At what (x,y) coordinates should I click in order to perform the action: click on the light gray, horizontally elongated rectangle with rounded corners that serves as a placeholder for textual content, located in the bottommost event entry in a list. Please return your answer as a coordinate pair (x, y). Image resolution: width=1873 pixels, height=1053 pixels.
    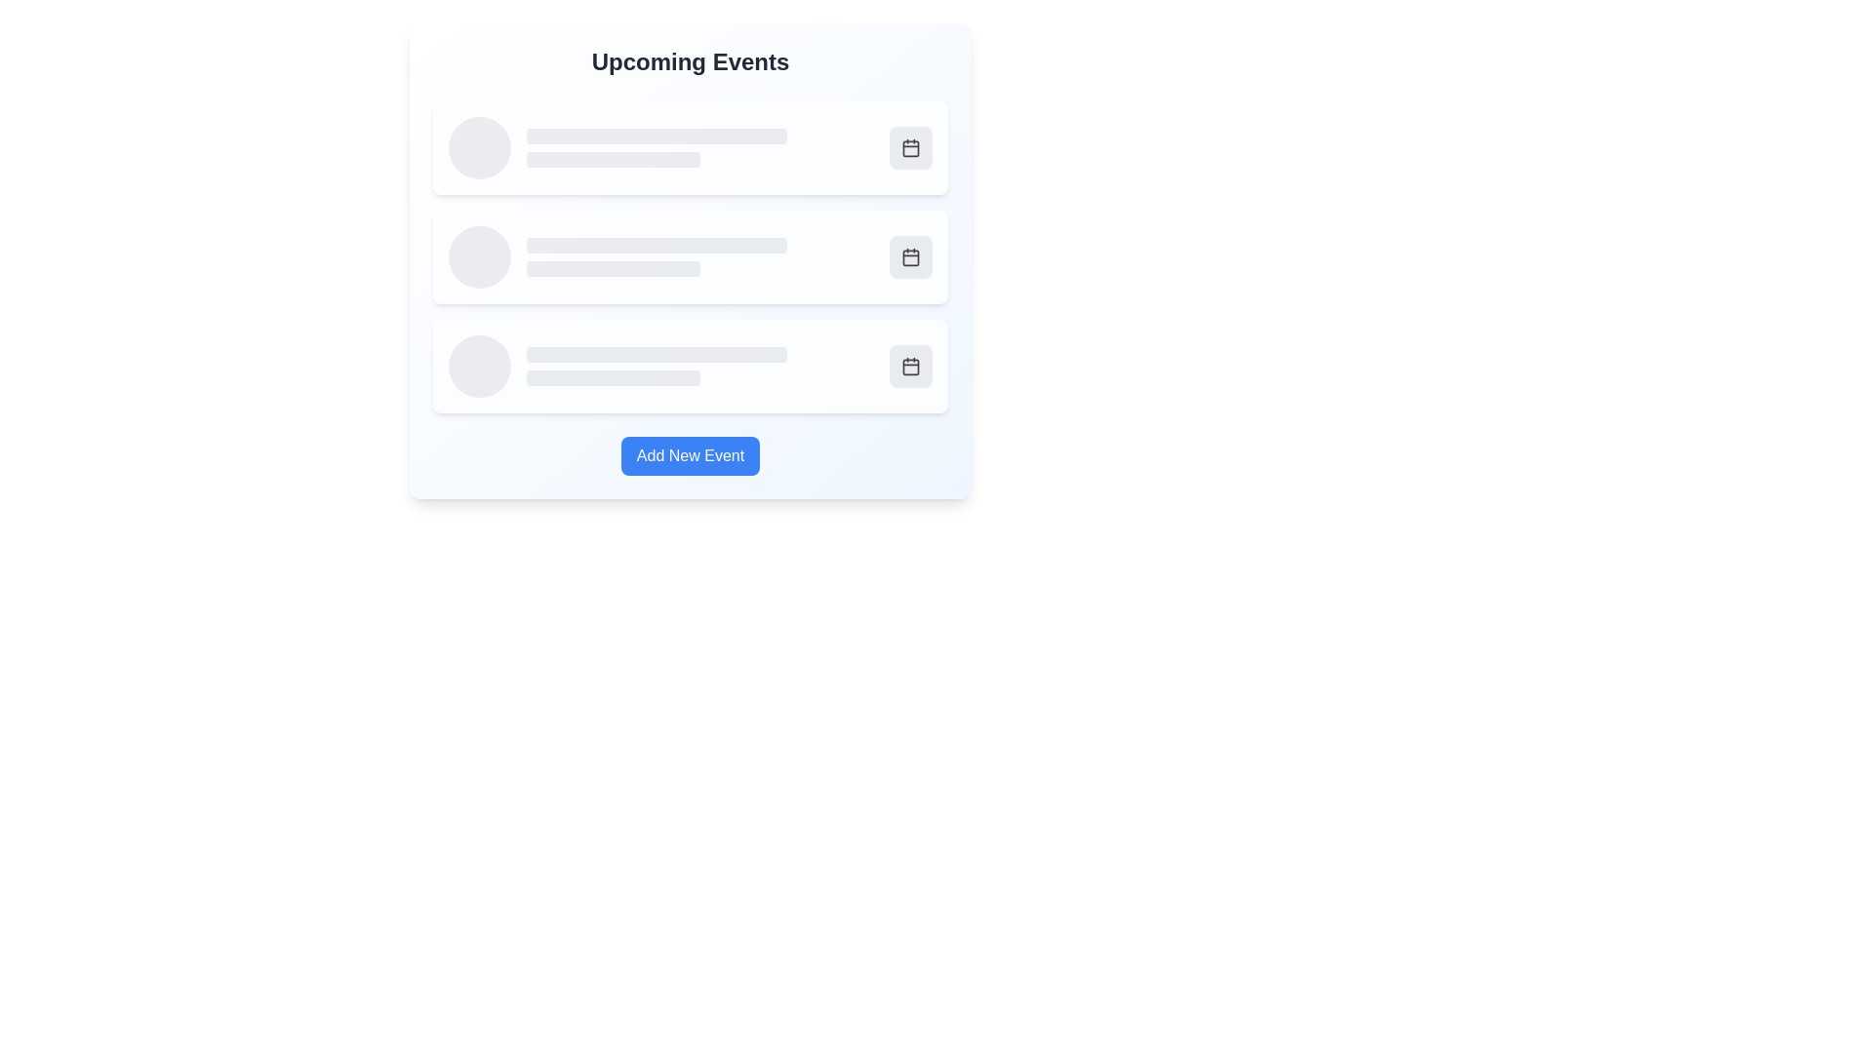
    Looking at the image, I should click on (657, 354).